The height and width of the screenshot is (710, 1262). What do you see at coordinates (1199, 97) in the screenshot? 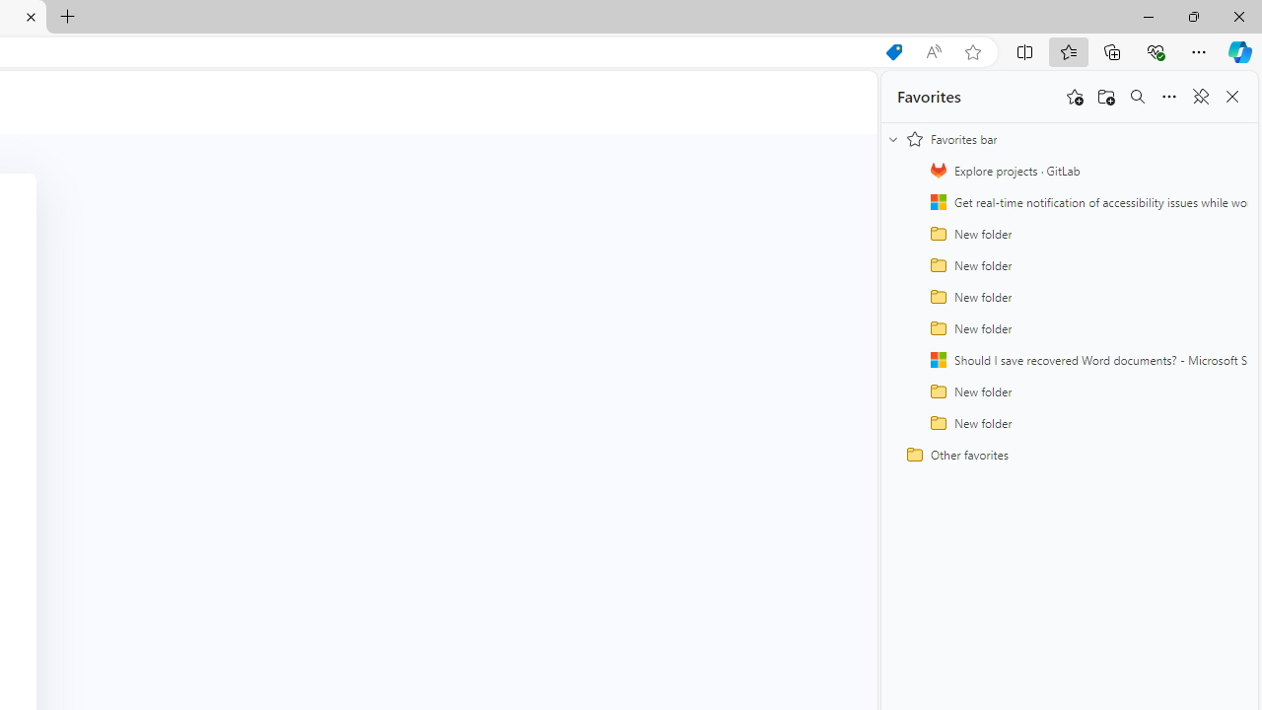
I see `'Unpin favorites'` at bounding box center [1199, 97].